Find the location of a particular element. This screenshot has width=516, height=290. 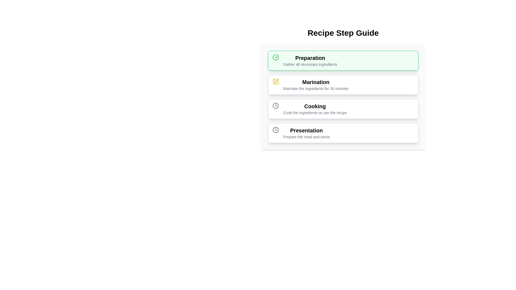

the green checkmark icon within the circular icon that represents the 'Preparation' step in the recipe guide, located to the left of the 'Preparation' text is located at coordinates (277, 57).